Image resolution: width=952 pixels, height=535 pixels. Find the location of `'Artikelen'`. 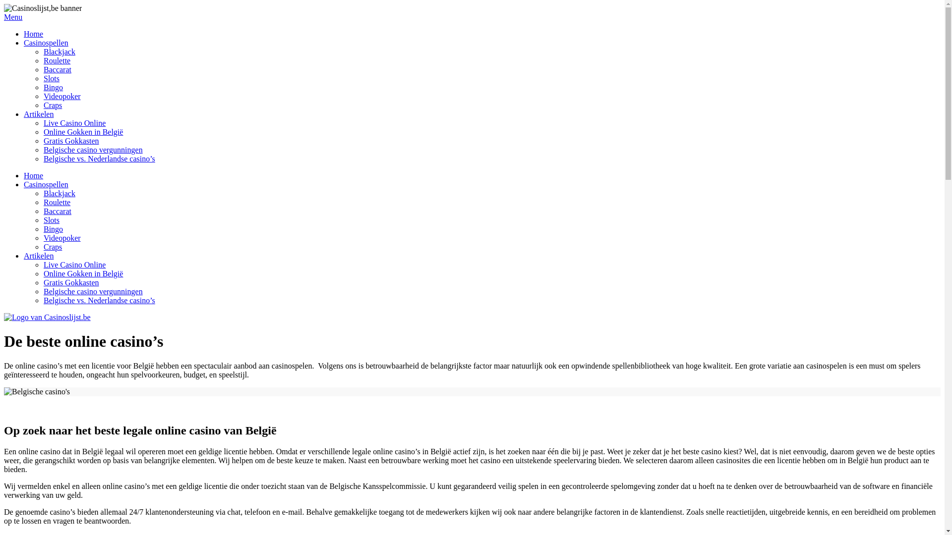

'Artikelen' is located at coordinates (24, 255).